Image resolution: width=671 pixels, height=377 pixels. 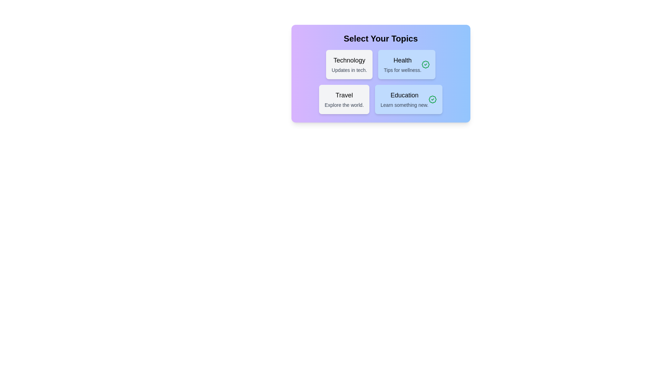 What do you see at coordinates (407, 65) in the screenshot?
I see `the description of the chip labeled Health` at bounding box center [407, 65].